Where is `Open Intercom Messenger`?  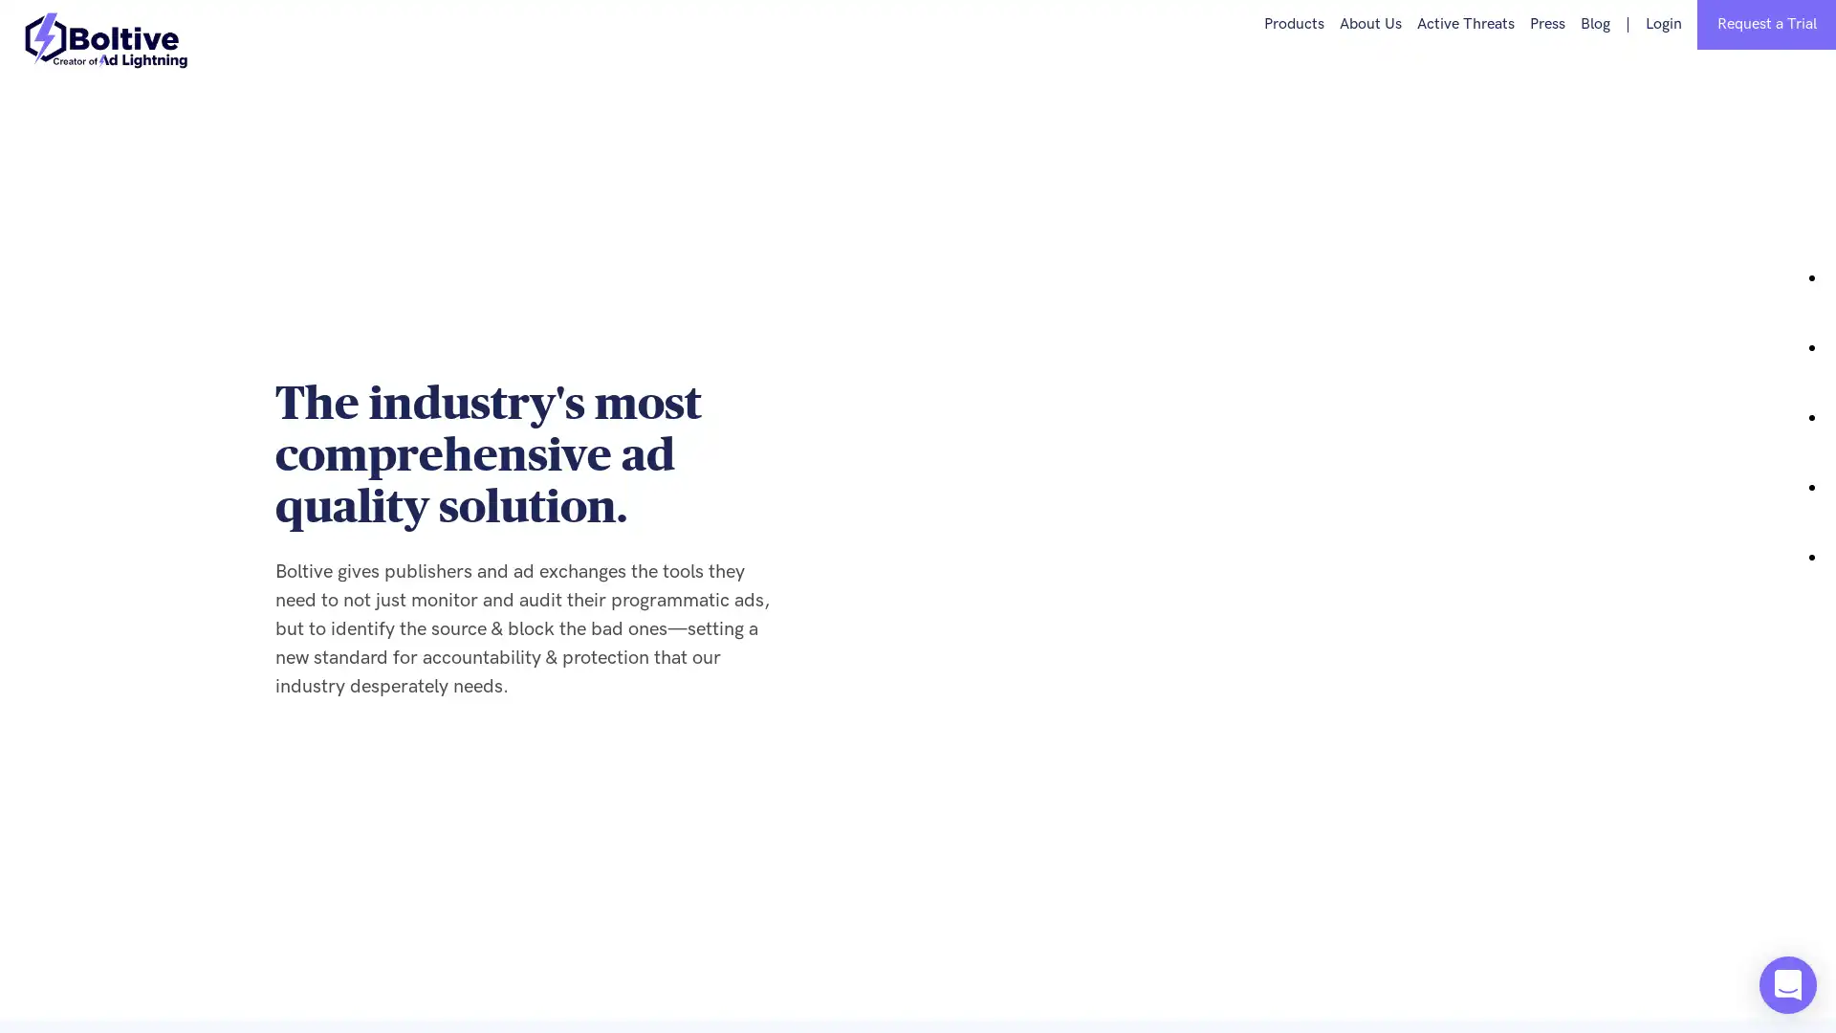 Open Intercom Messenger is located at coordinates (1787, 984).